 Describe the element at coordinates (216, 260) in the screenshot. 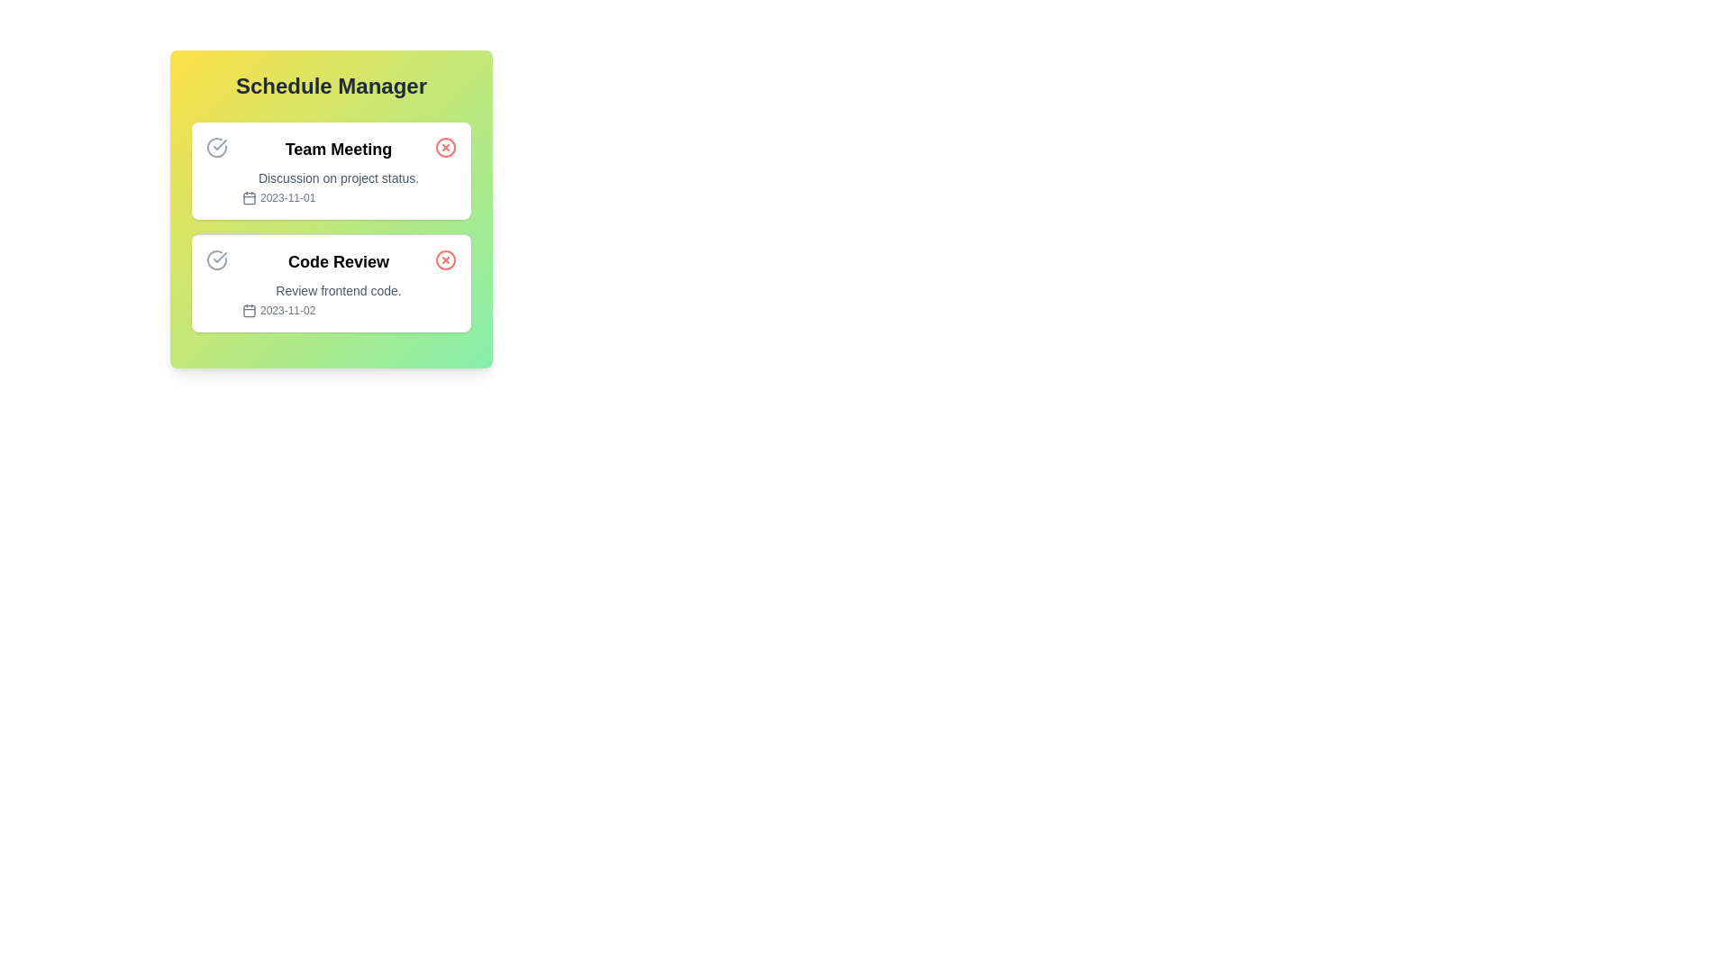

I see `the circular checkmark icon located to the left of the 'Code Review' text` at that location.